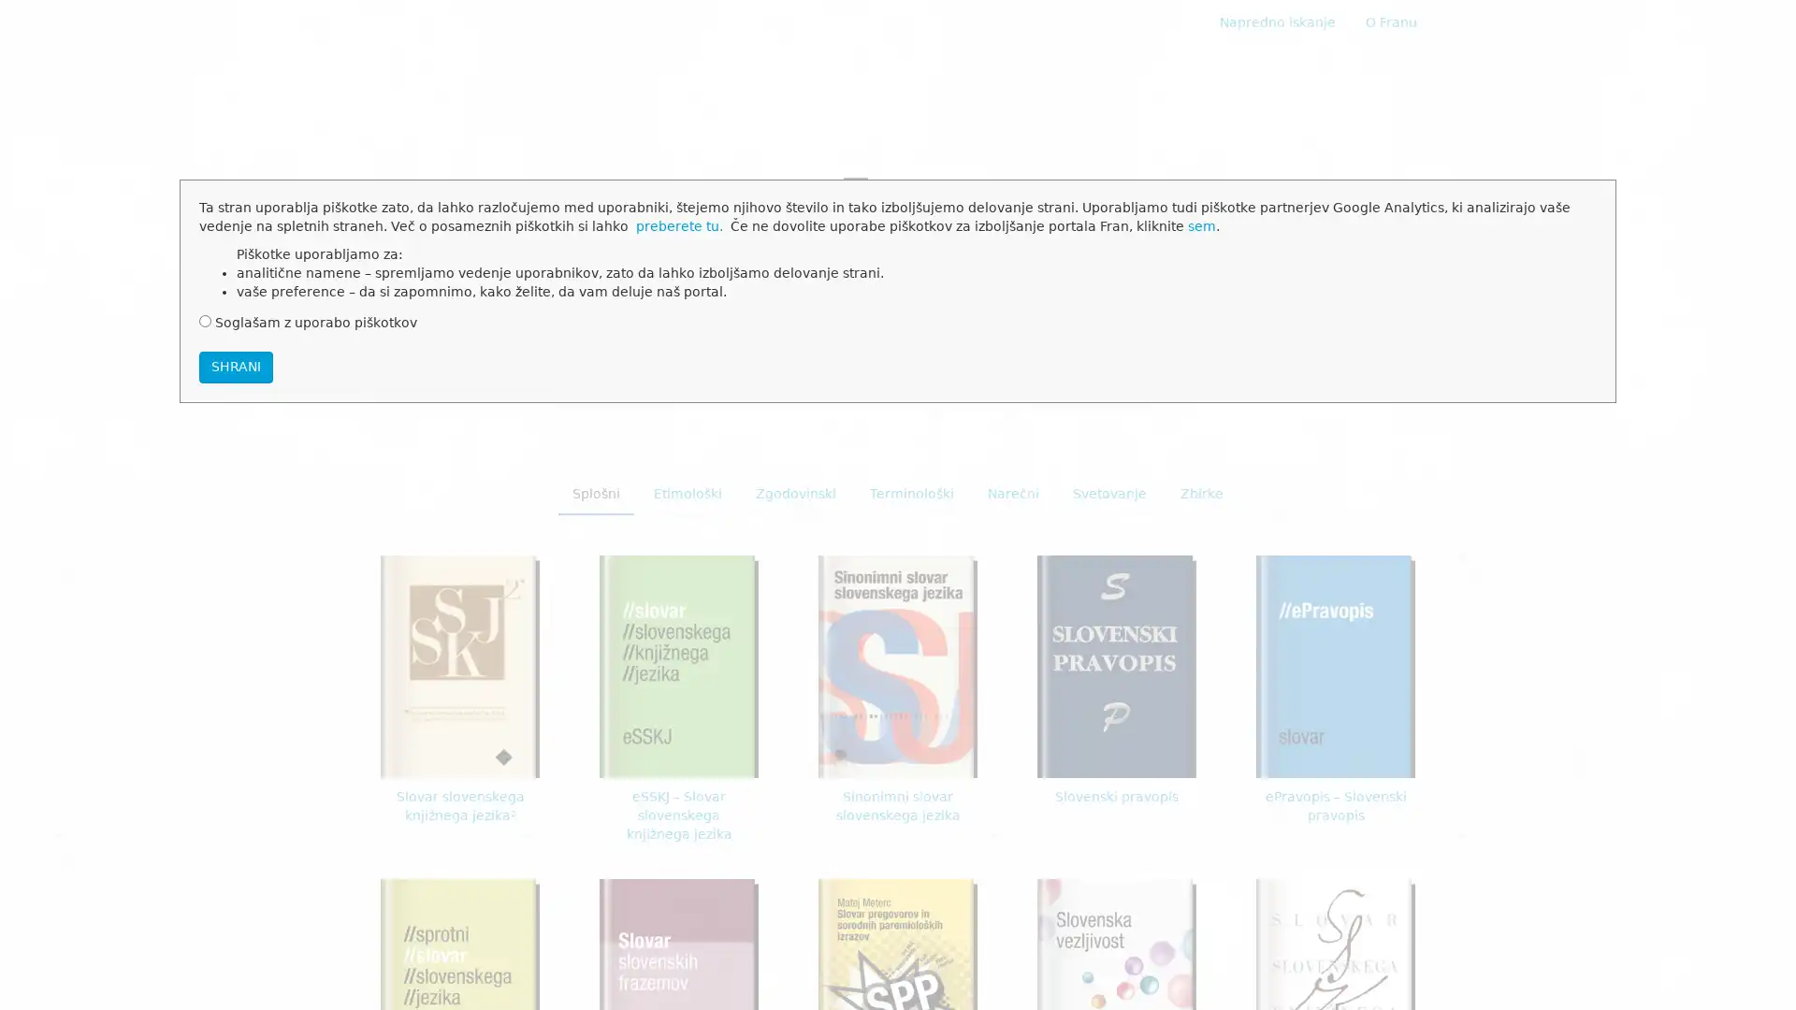 This screenshot has height=1010, width=1796. I want to click on SHRANI, so click(235, 367).